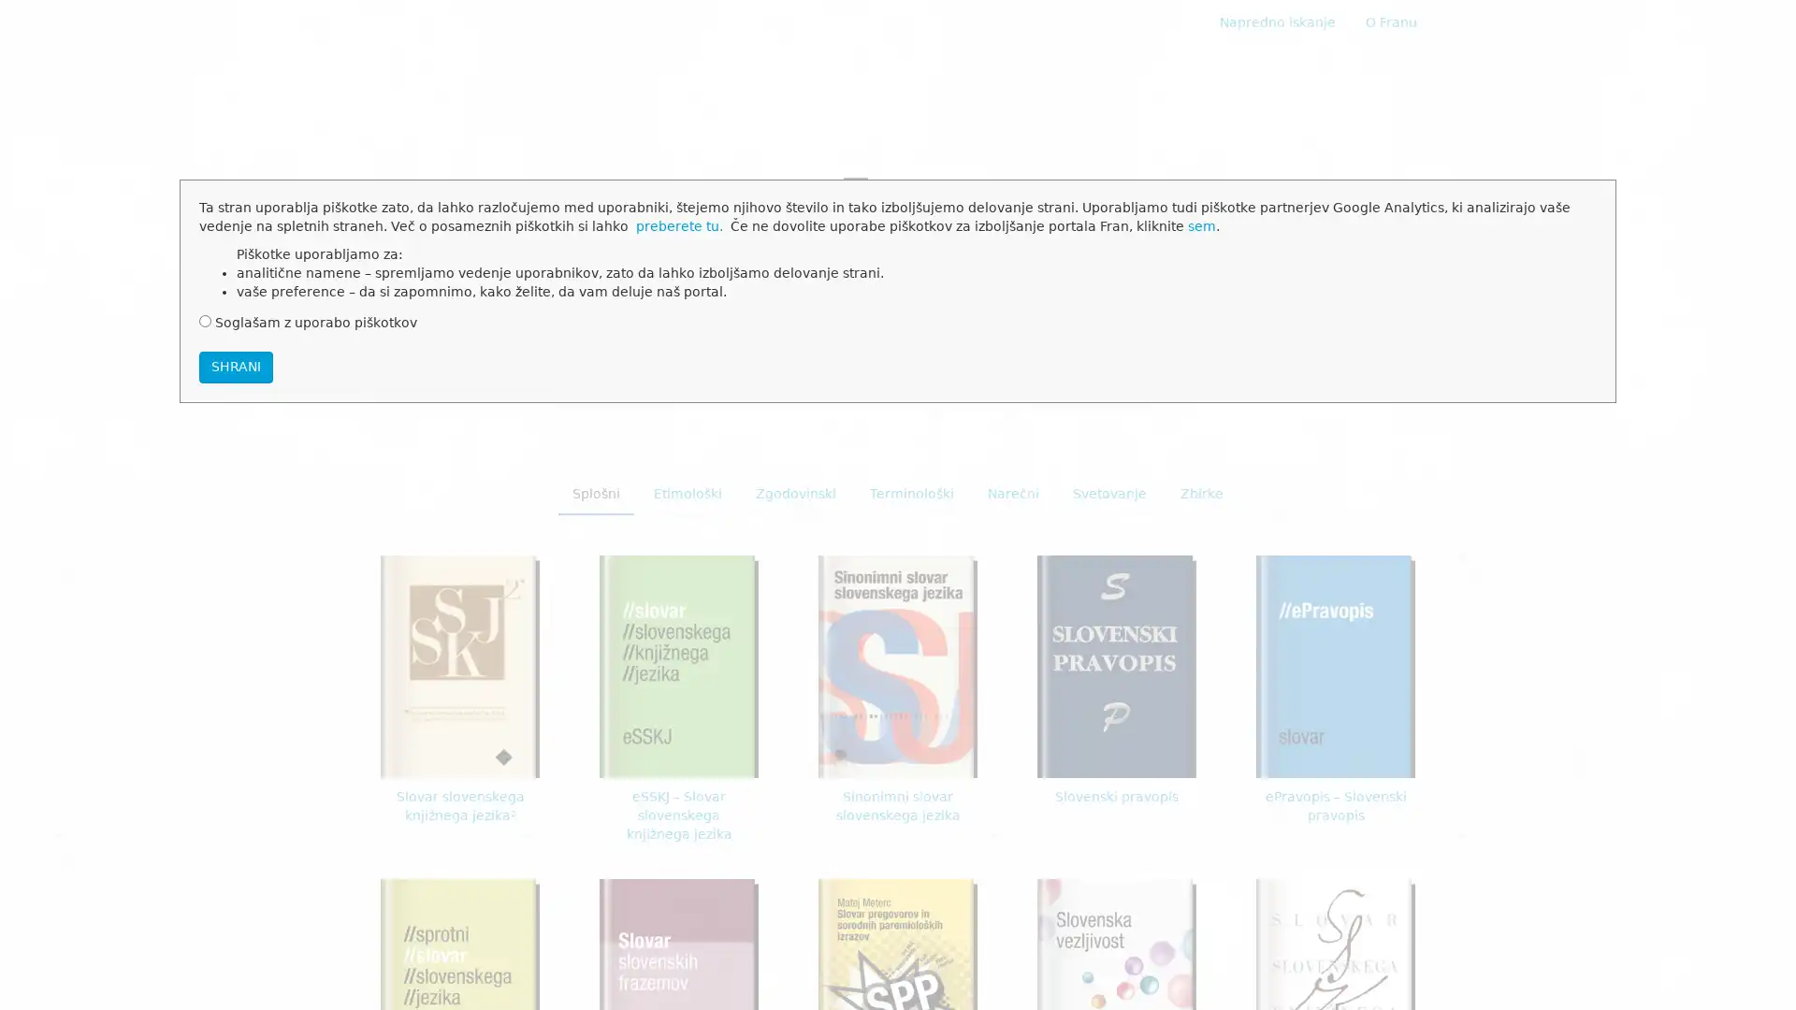 This screenshot has height=1010, width=1796. I want to click on SHRANI, so click(235, 367).